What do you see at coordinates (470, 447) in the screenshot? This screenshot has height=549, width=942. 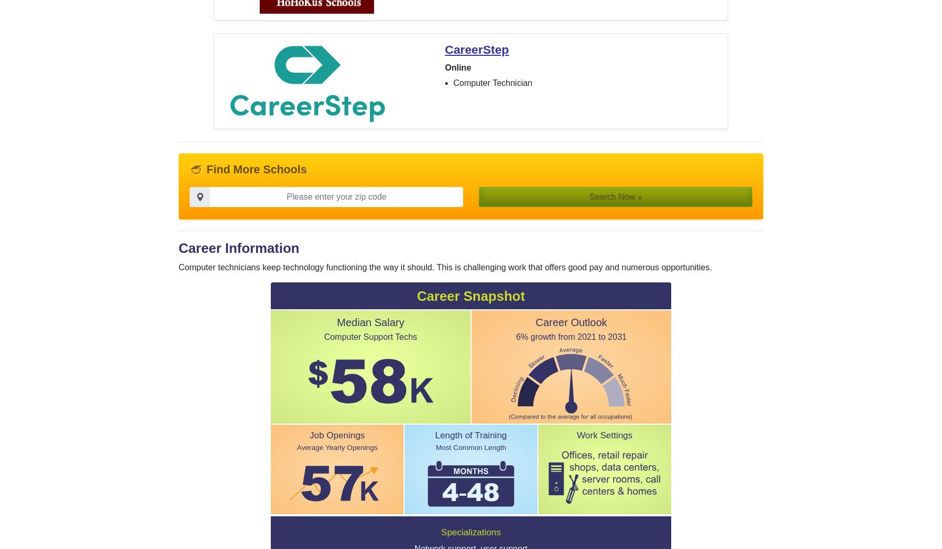 I see `'Most Common Length'` at bounding box center [470, 447].